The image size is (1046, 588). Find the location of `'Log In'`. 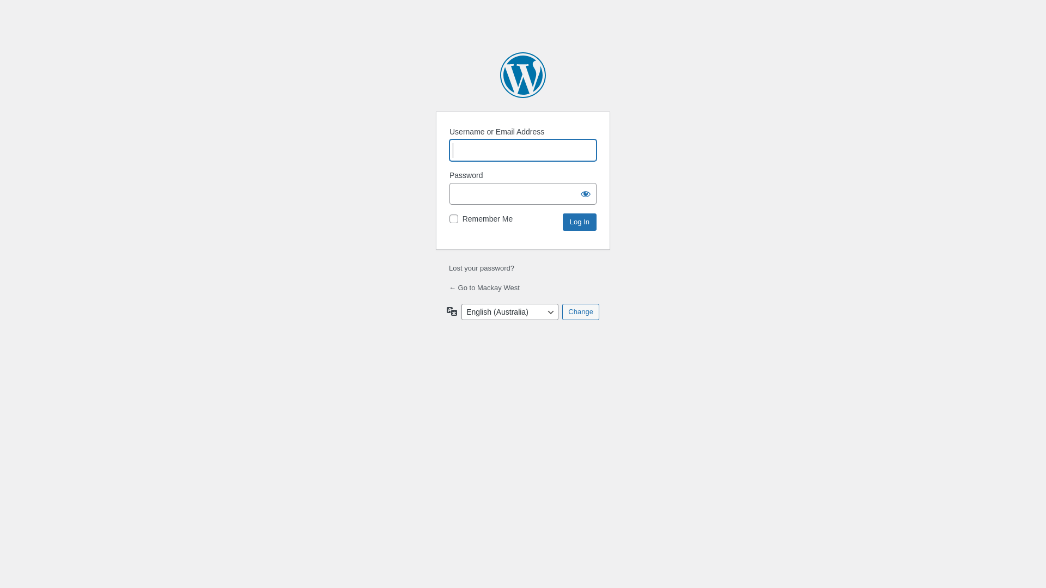

'Log In' is located at coordinates (579, 222).